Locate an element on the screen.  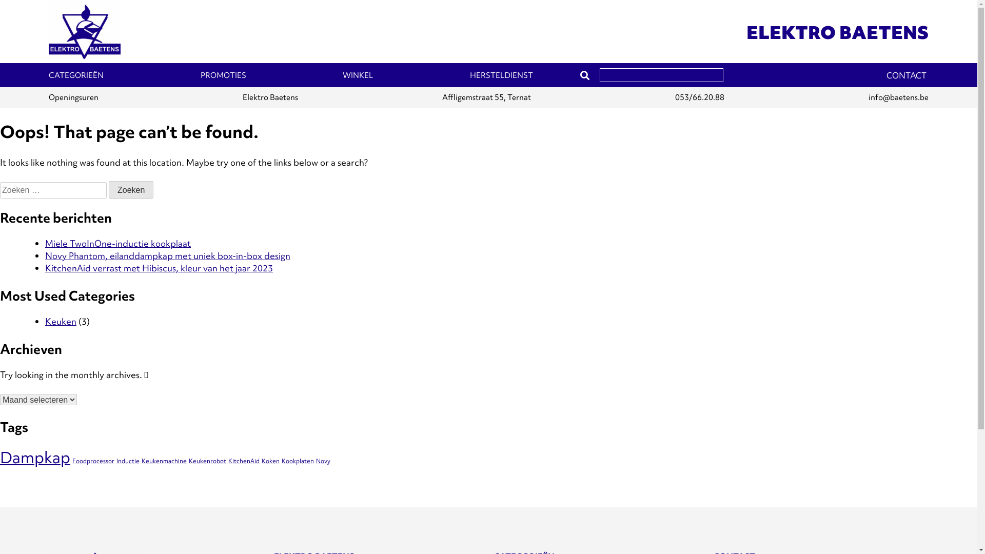
'KitchenAid' is located at coordinates (228, 460).